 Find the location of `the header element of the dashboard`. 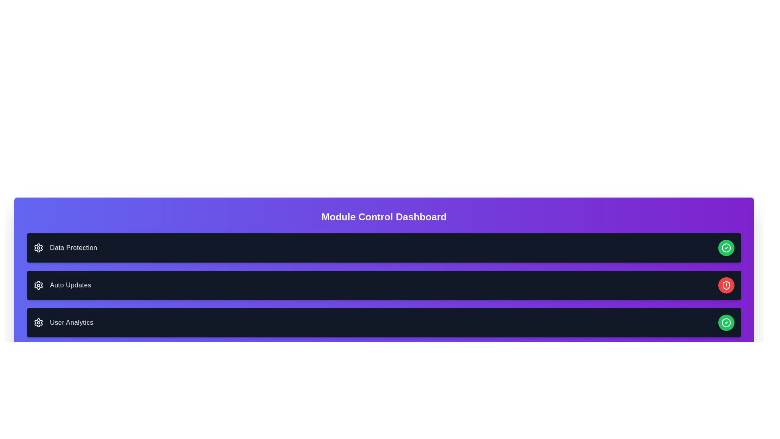

the header element of the dashboard is located at coordinates (383, 216).